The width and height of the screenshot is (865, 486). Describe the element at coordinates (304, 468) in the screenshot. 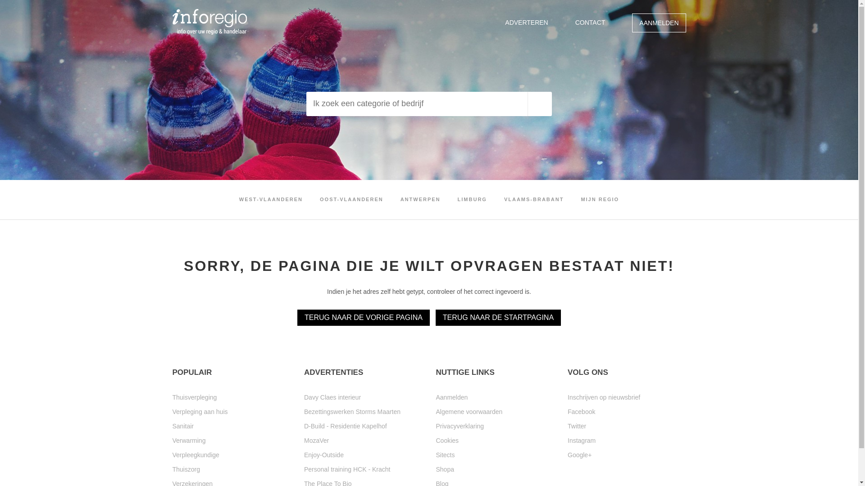

I see `'Personal training HCK - Kracht'` at that location.